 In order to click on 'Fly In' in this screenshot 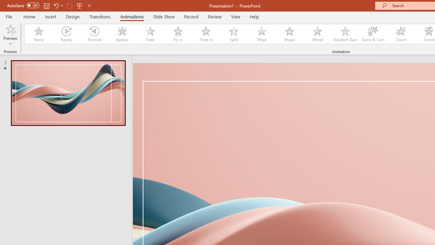, I will do `click(178, 34)`.